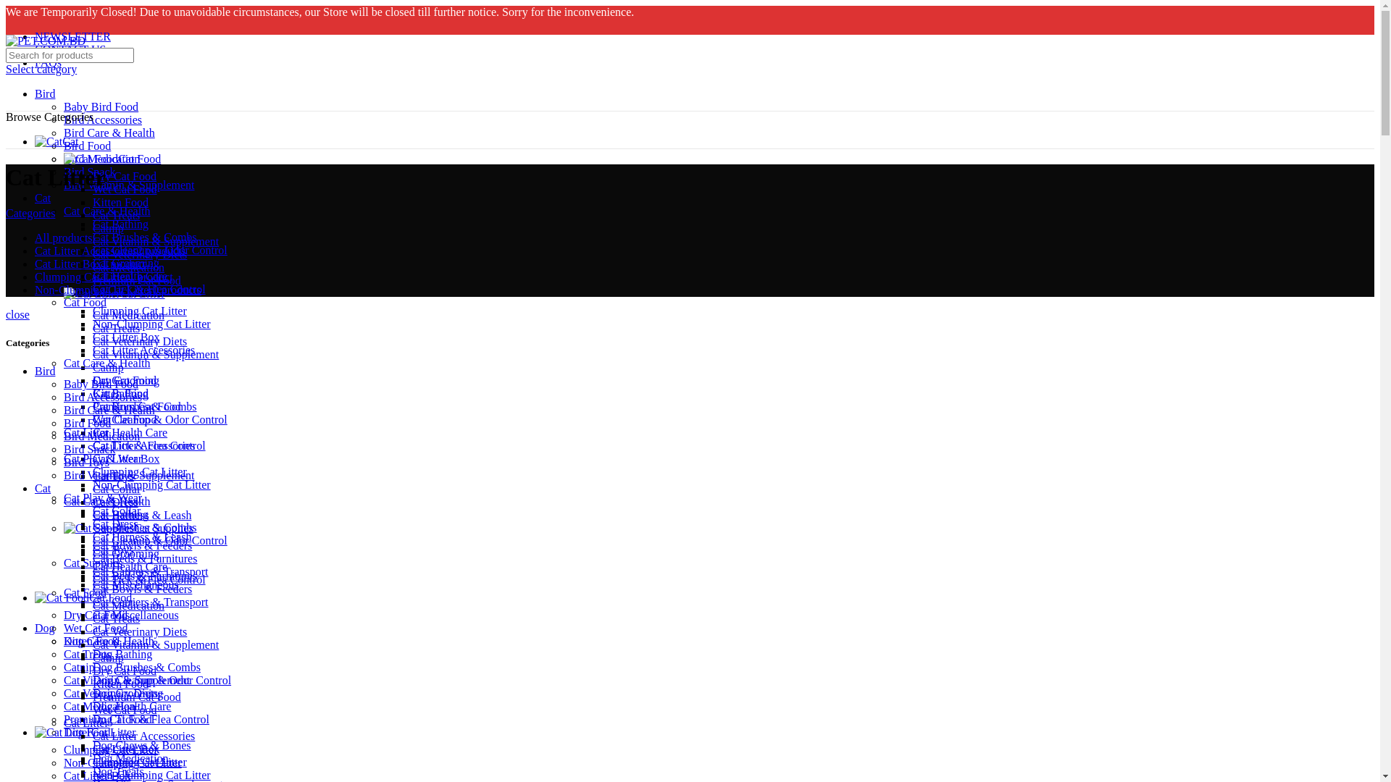 This screenshot has height=782, width=1391. Describe the element at coordinates (142, 545) in the screenshot. I see `'Cat Bowls & Feeders'` at that location.